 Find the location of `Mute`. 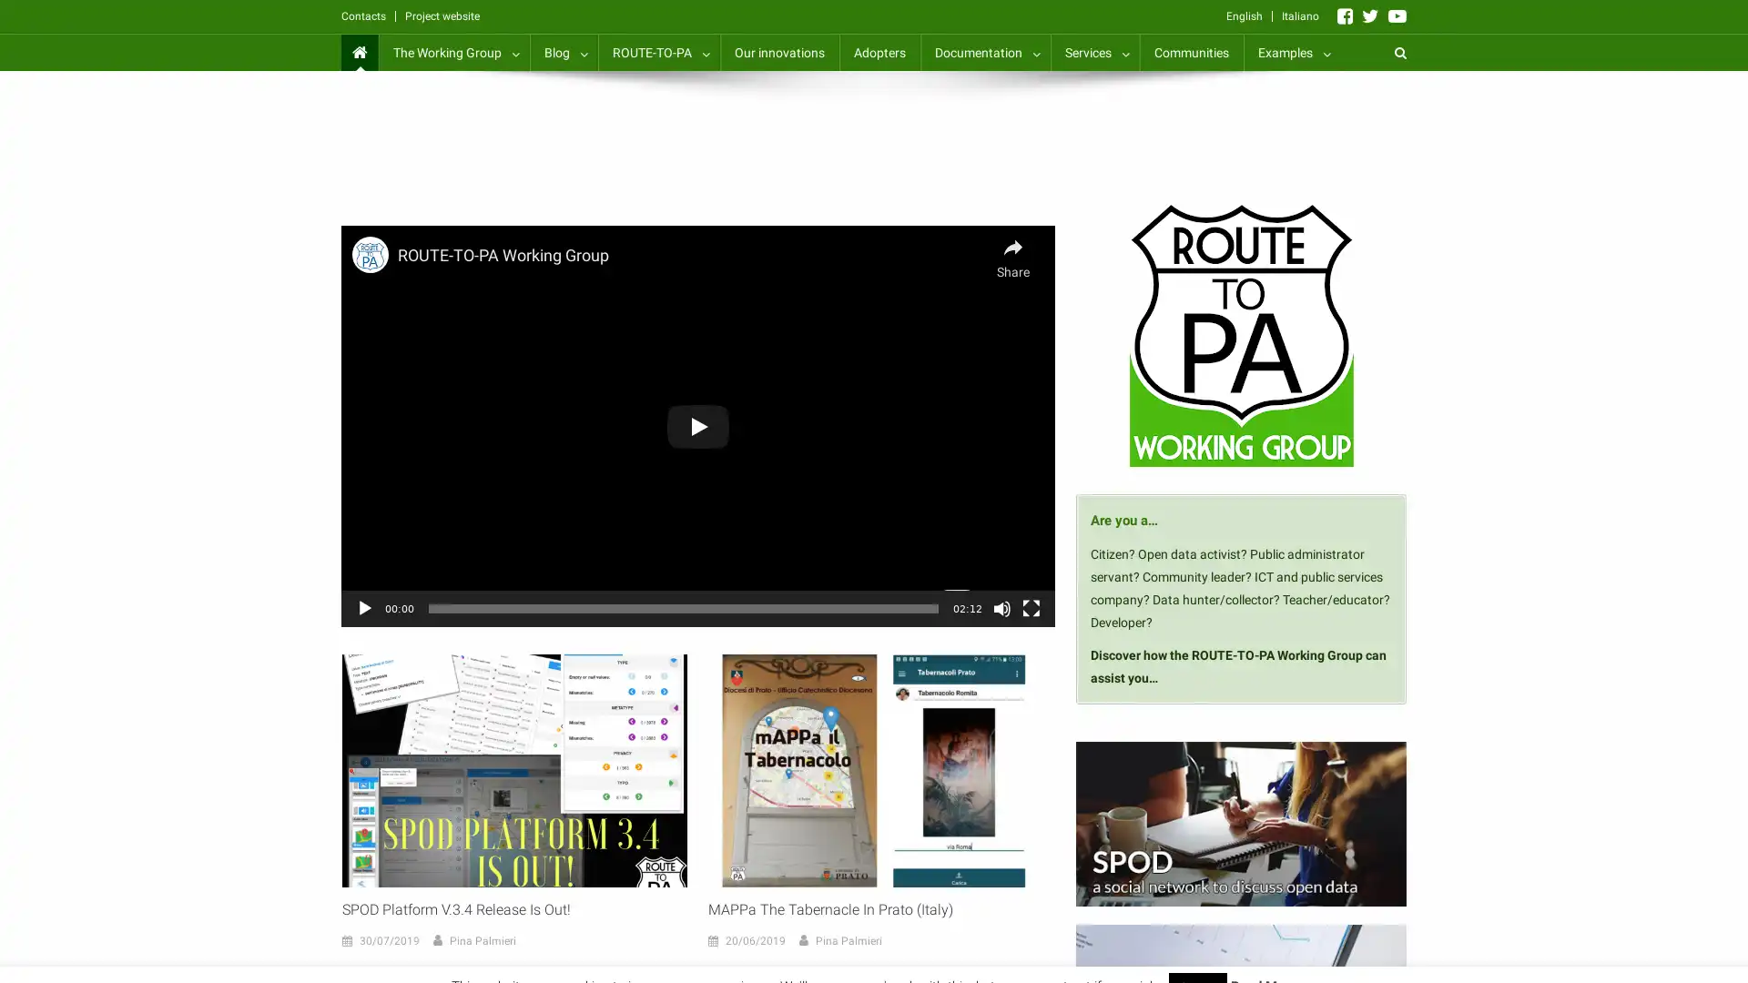

Mute is located at coordinates (1000, 608).